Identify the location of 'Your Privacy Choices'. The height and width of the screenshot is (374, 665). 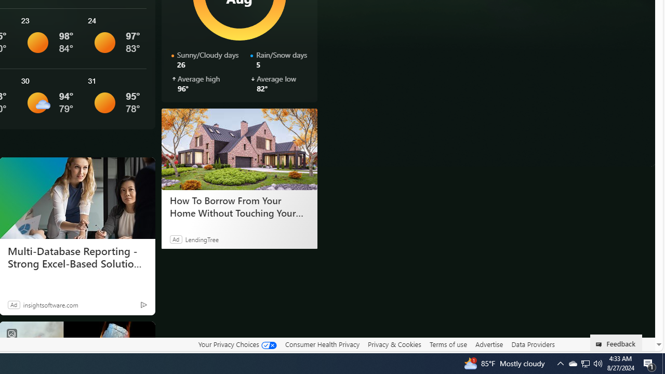
(236, 344).